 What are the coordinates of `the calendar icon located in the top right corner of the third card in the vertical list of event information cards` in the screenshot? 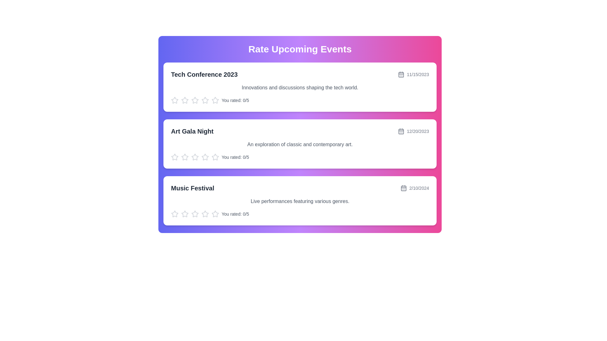 It's located at (403, 188).